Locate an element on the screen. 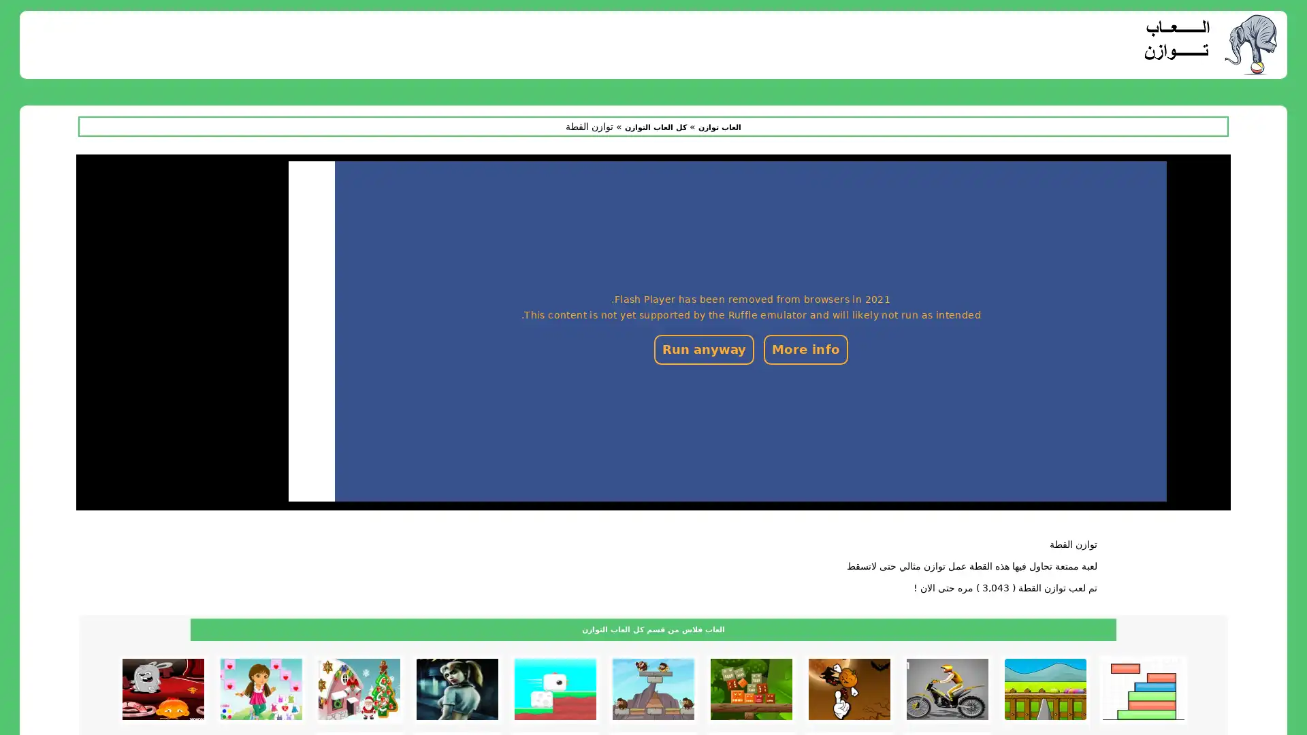 This screenshot has height=735, width=1307. Run anyway is located at coordinates (704, 348).